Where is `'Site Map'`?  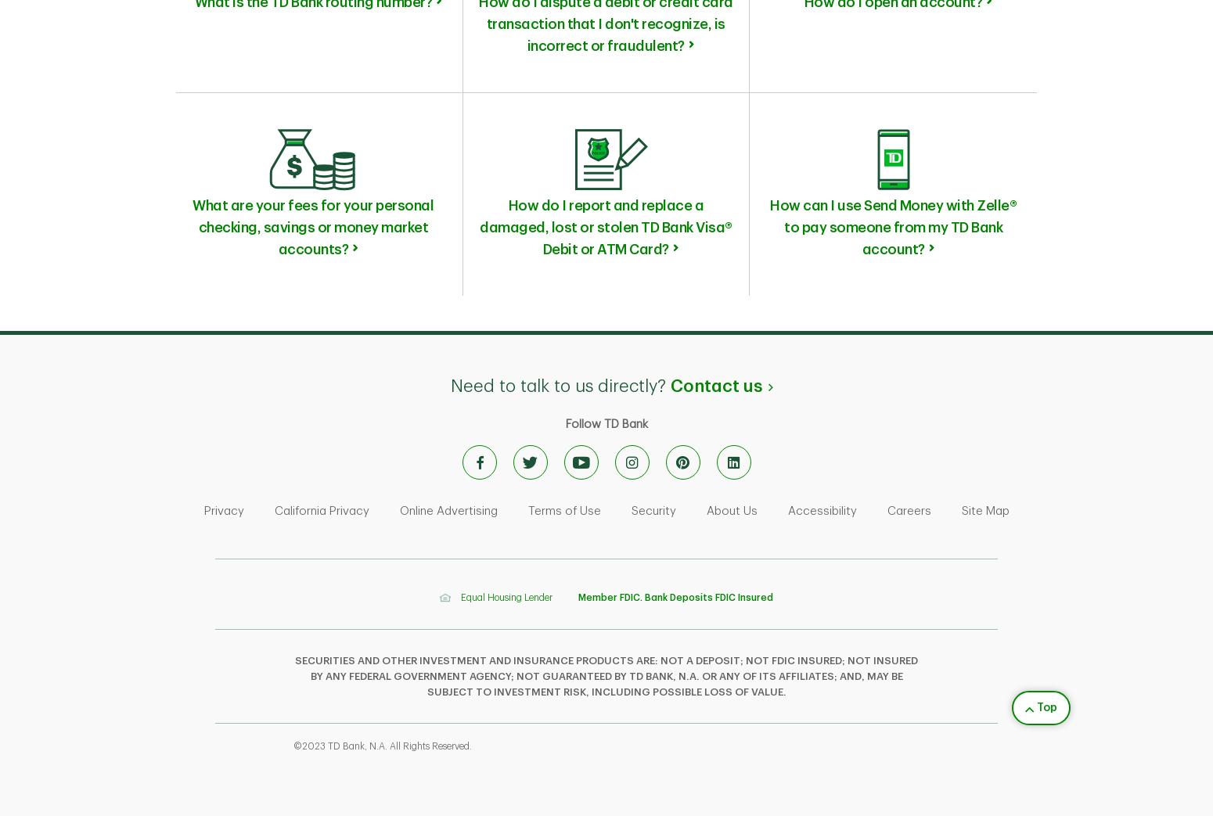
'Site Map' is located at coordinates (984, 510).